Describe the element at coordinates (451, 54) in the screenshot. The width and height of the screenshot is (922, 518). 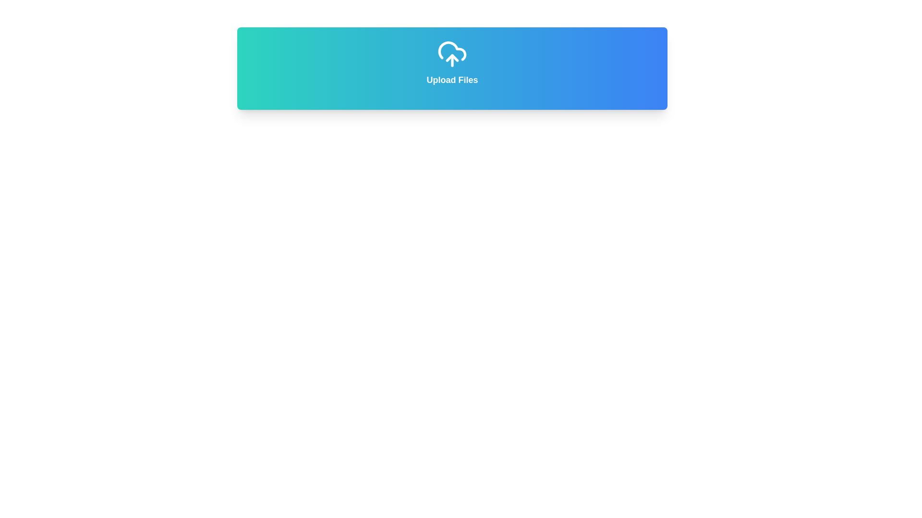
I see `the file upload icon` at that location.